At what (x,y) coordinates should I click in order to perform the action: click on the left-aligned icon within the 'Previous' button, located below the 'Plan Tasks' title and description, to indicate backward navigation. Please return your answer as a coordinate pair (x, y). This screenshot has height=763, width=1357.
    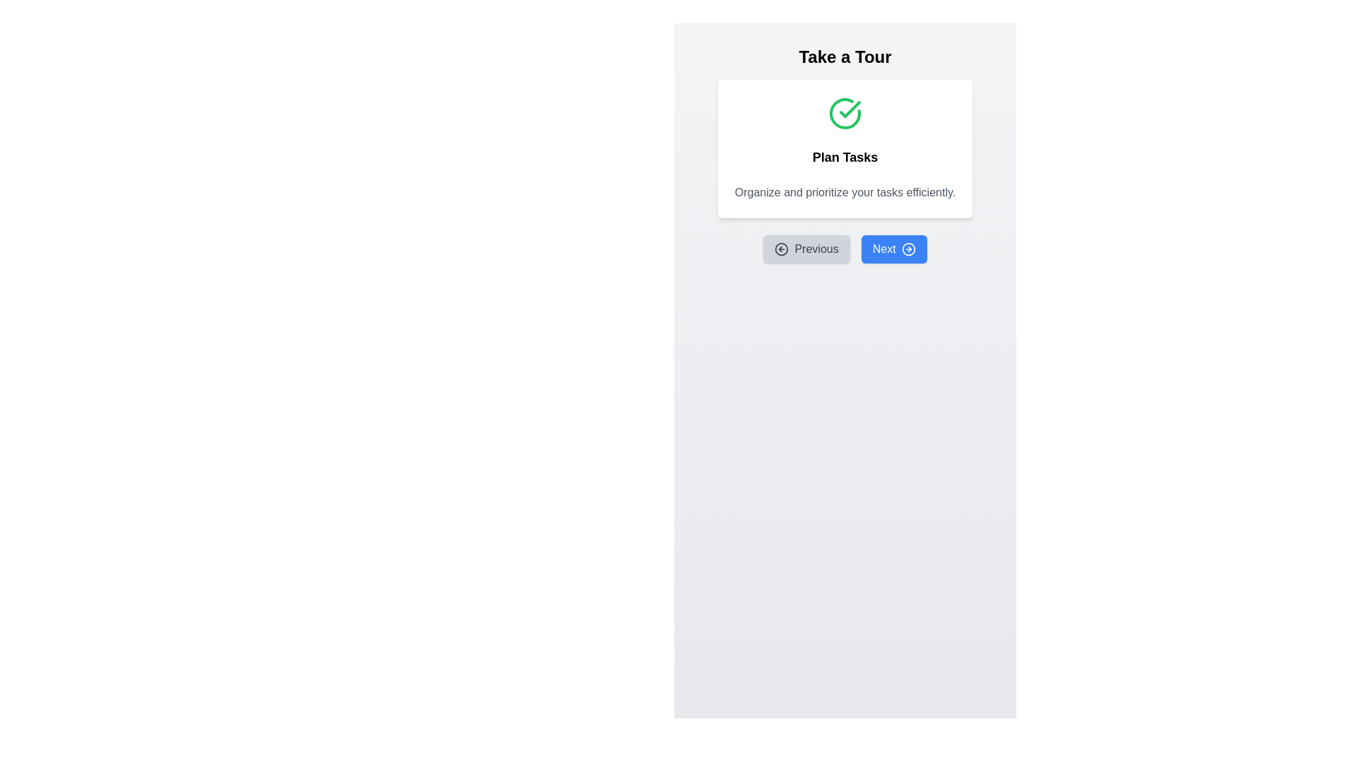
    Looking at the image, I should click on (781, 249).